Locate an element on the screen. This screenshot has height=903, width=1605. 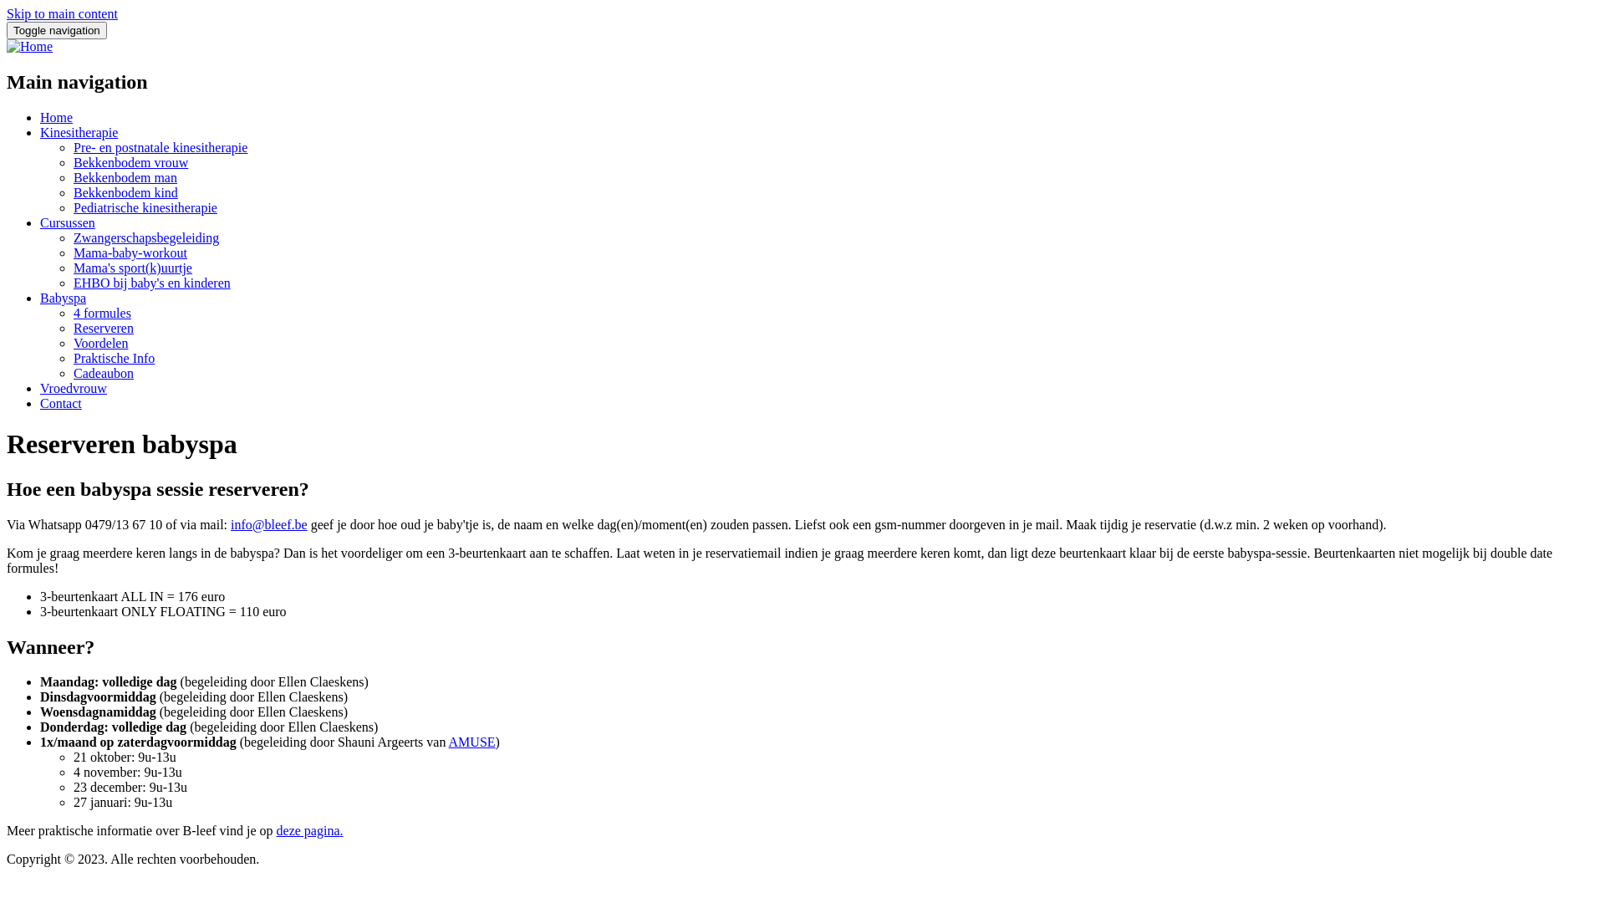
'Pediatrische kinesitherapie' is located at coordinates (145, 207).